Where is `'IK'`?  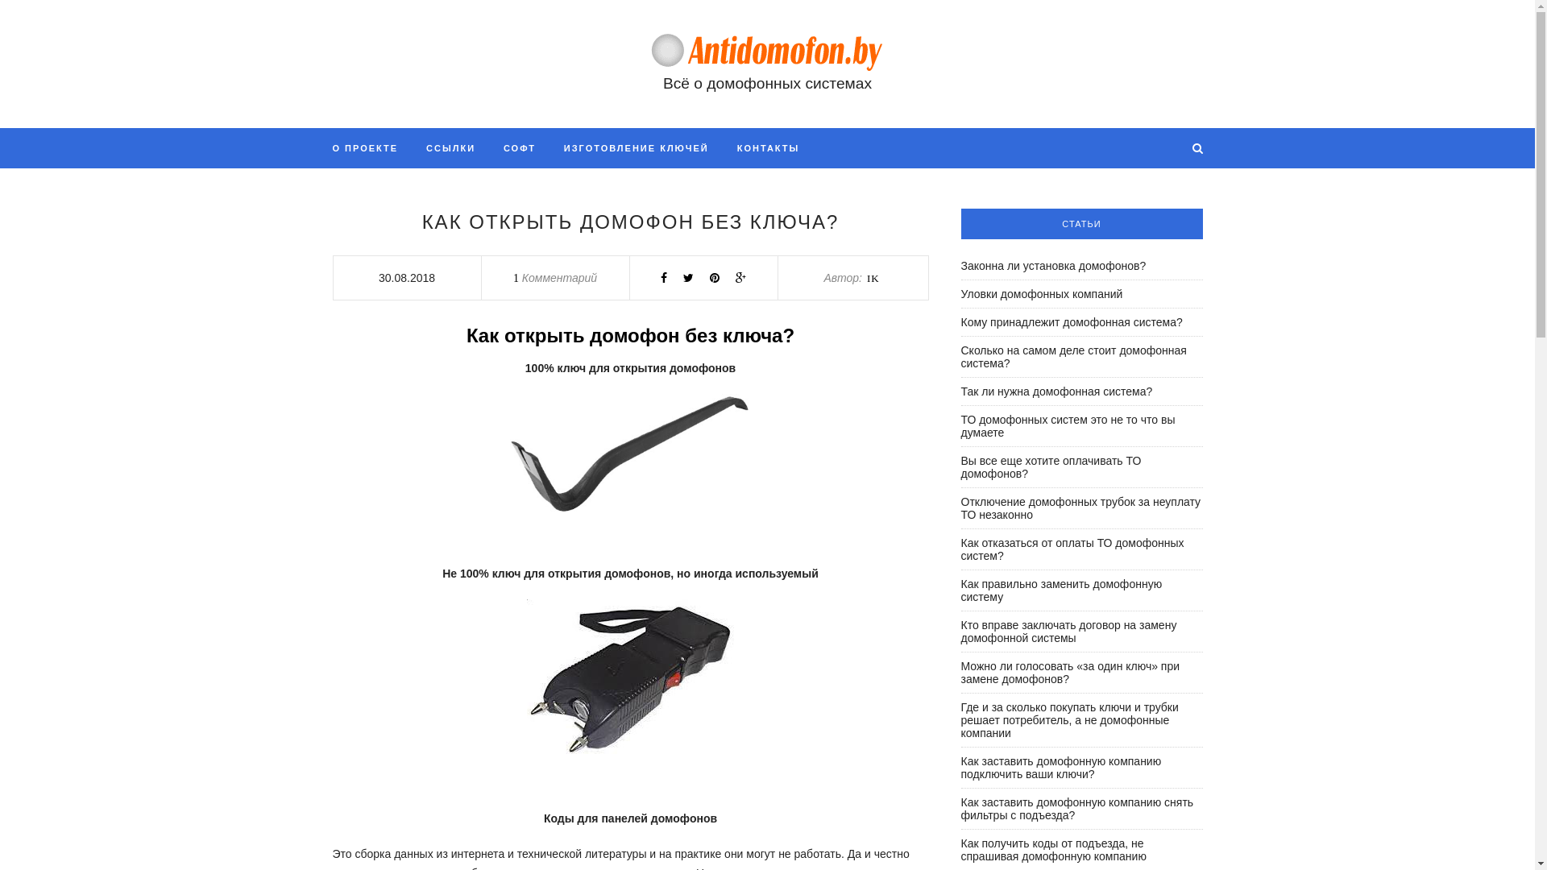
'IK' is located at coordinates (873, 277).